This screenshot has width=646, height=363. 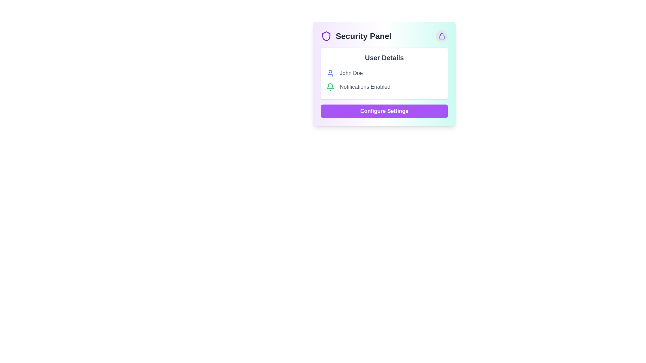 What do you see at coordinates (326, 36) in the screenshot?
I see `the security icon located at the far left of the 'Security Panel' header section` at bounding box center [326, 36].